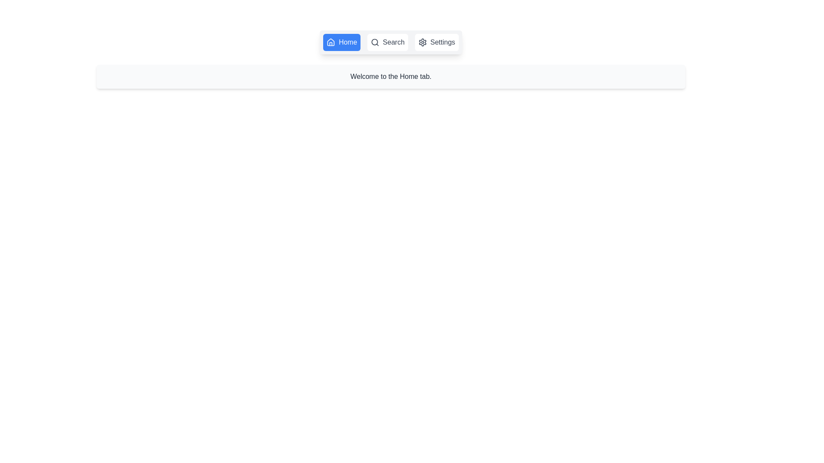 This screenshot has height=463, width=824. I want to click on the magnifying glass icon representing the search function located in the navigation bar to initiate a search, so click(375, 42).